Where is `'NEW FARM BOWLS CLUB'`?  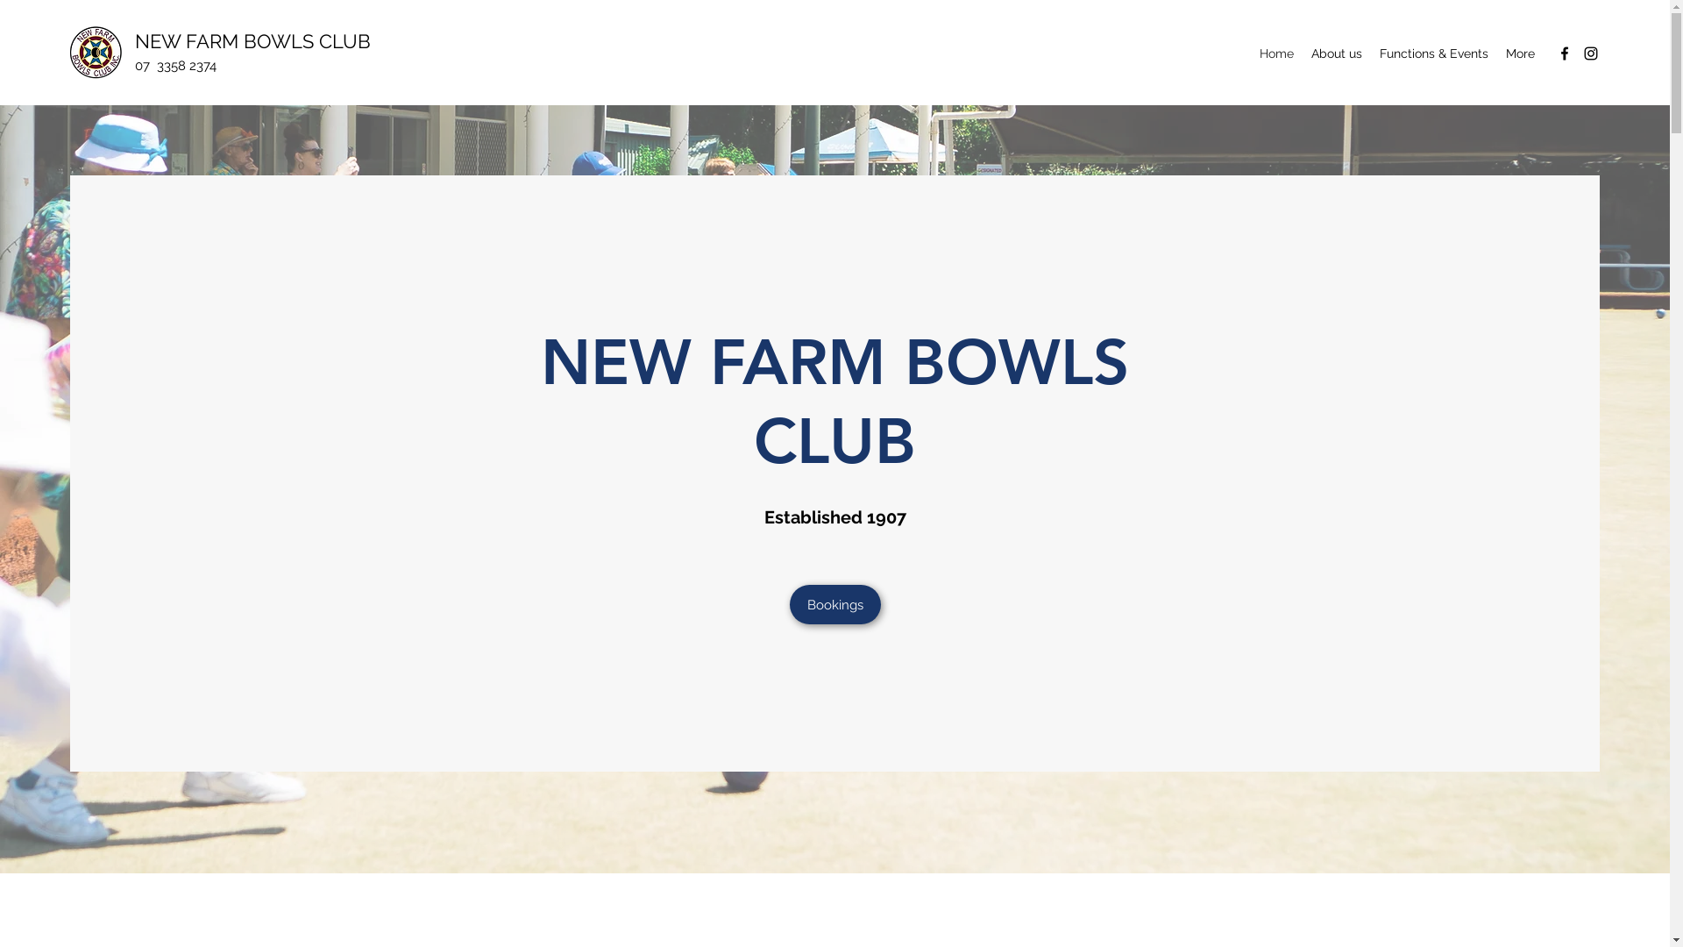 'NEW FARM BOWLS CLUB' is located at coordinates (252, 39).